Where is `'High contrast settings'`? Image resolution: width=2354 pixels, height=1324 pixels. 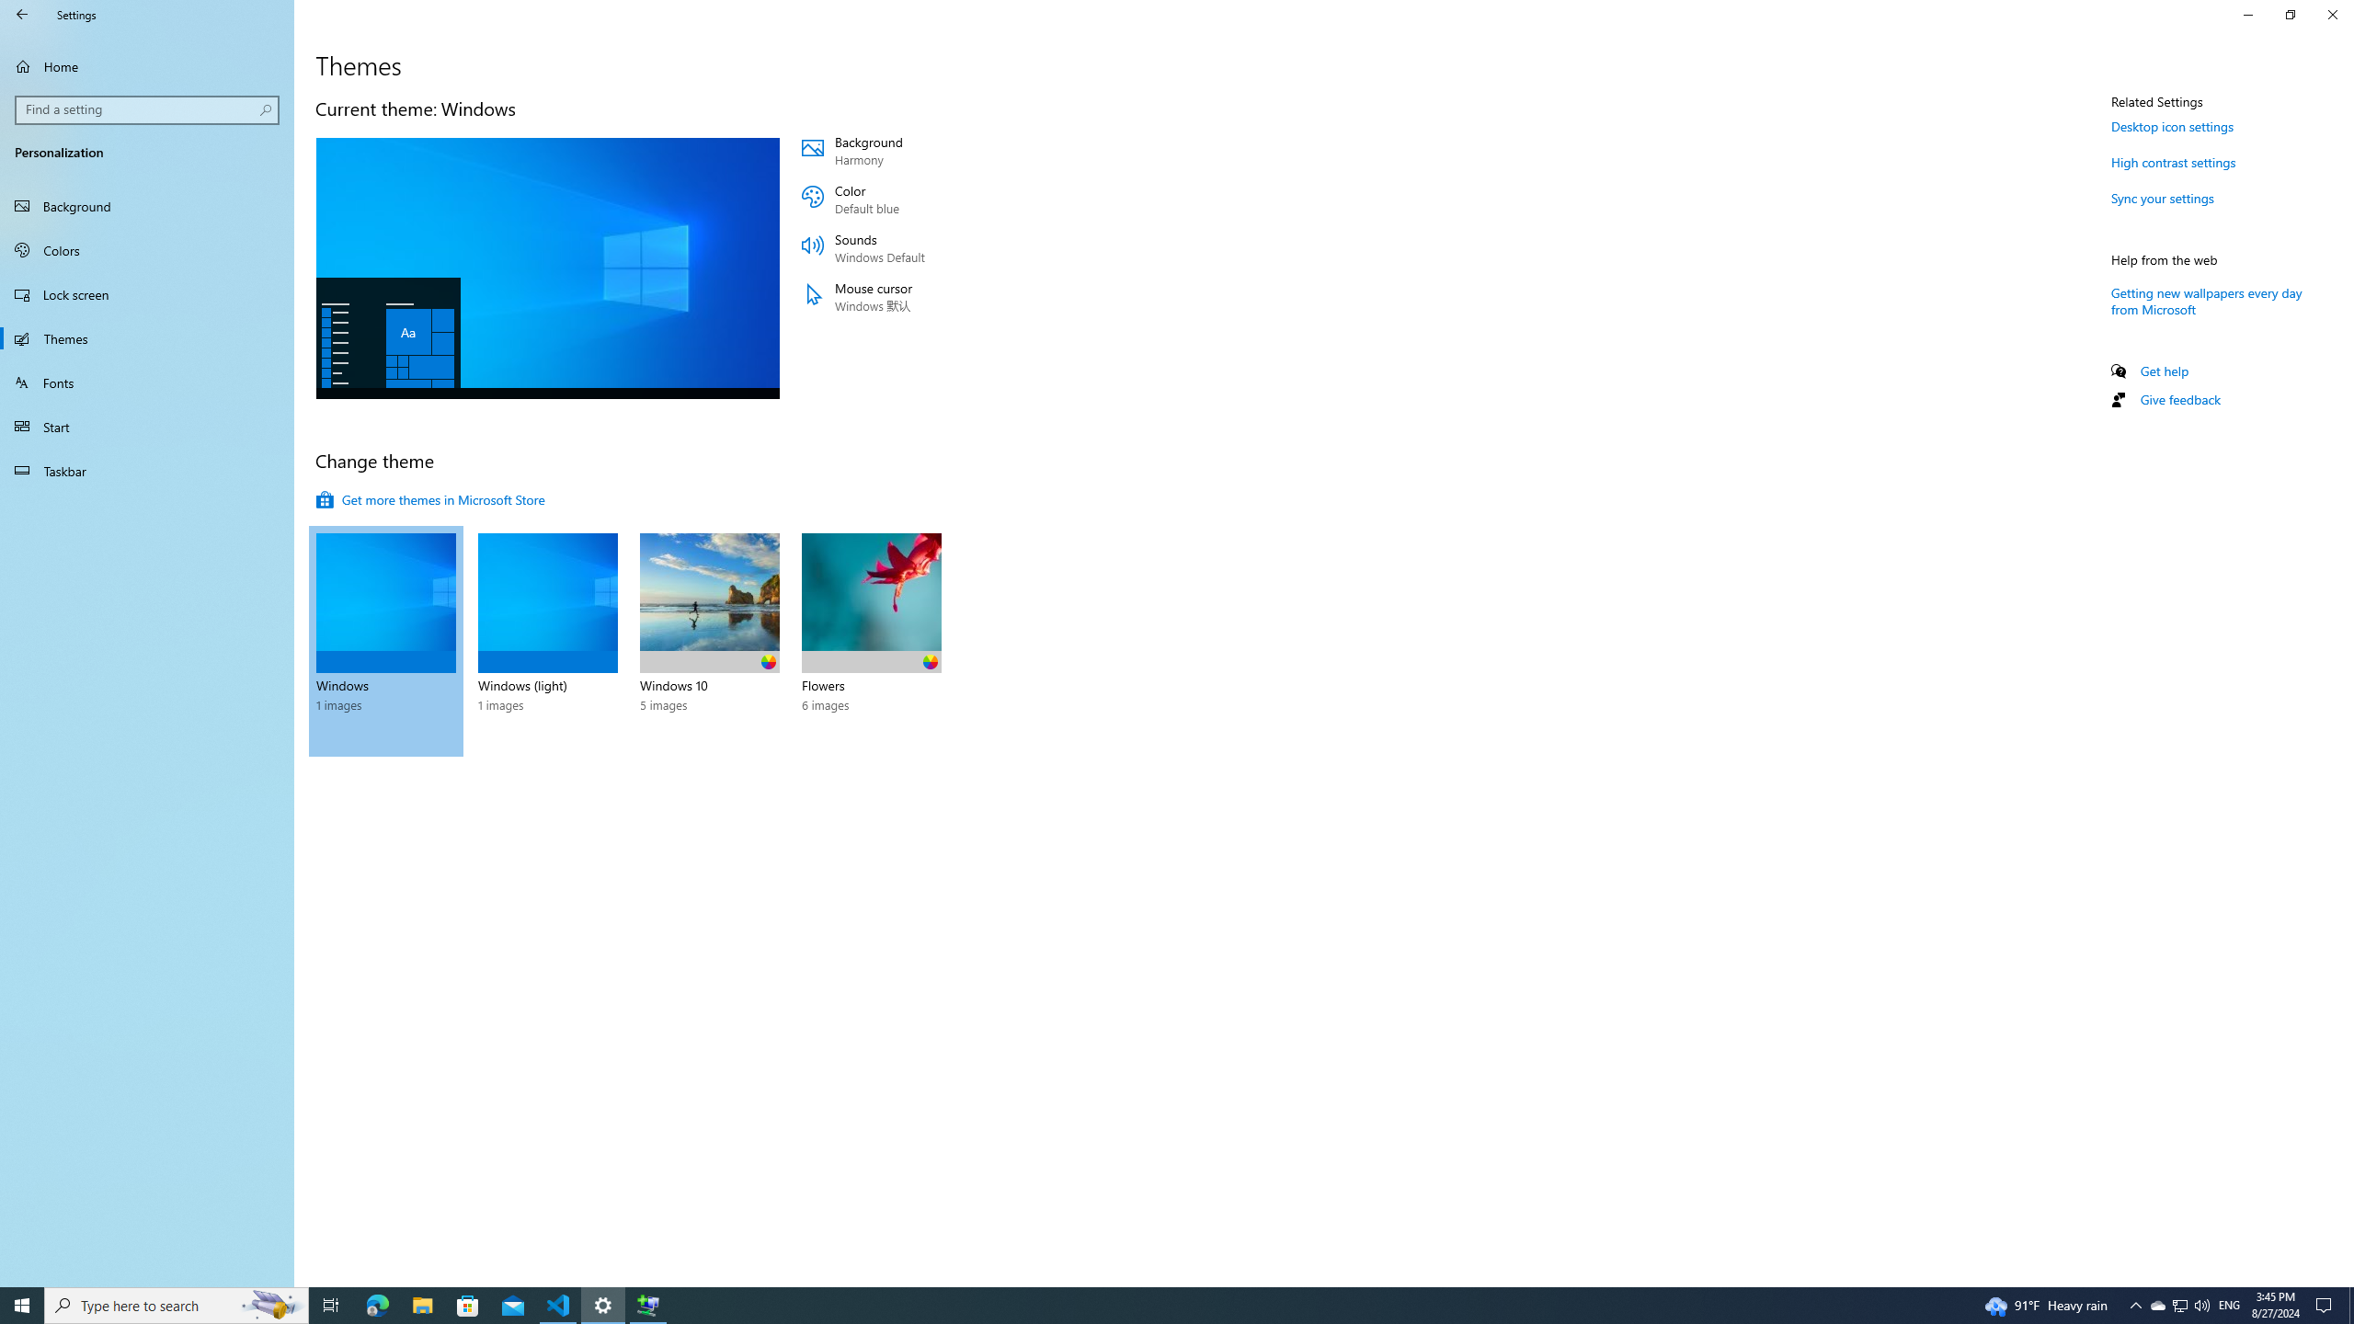
'High contrast settings' is located at coordinates (2174, 162).